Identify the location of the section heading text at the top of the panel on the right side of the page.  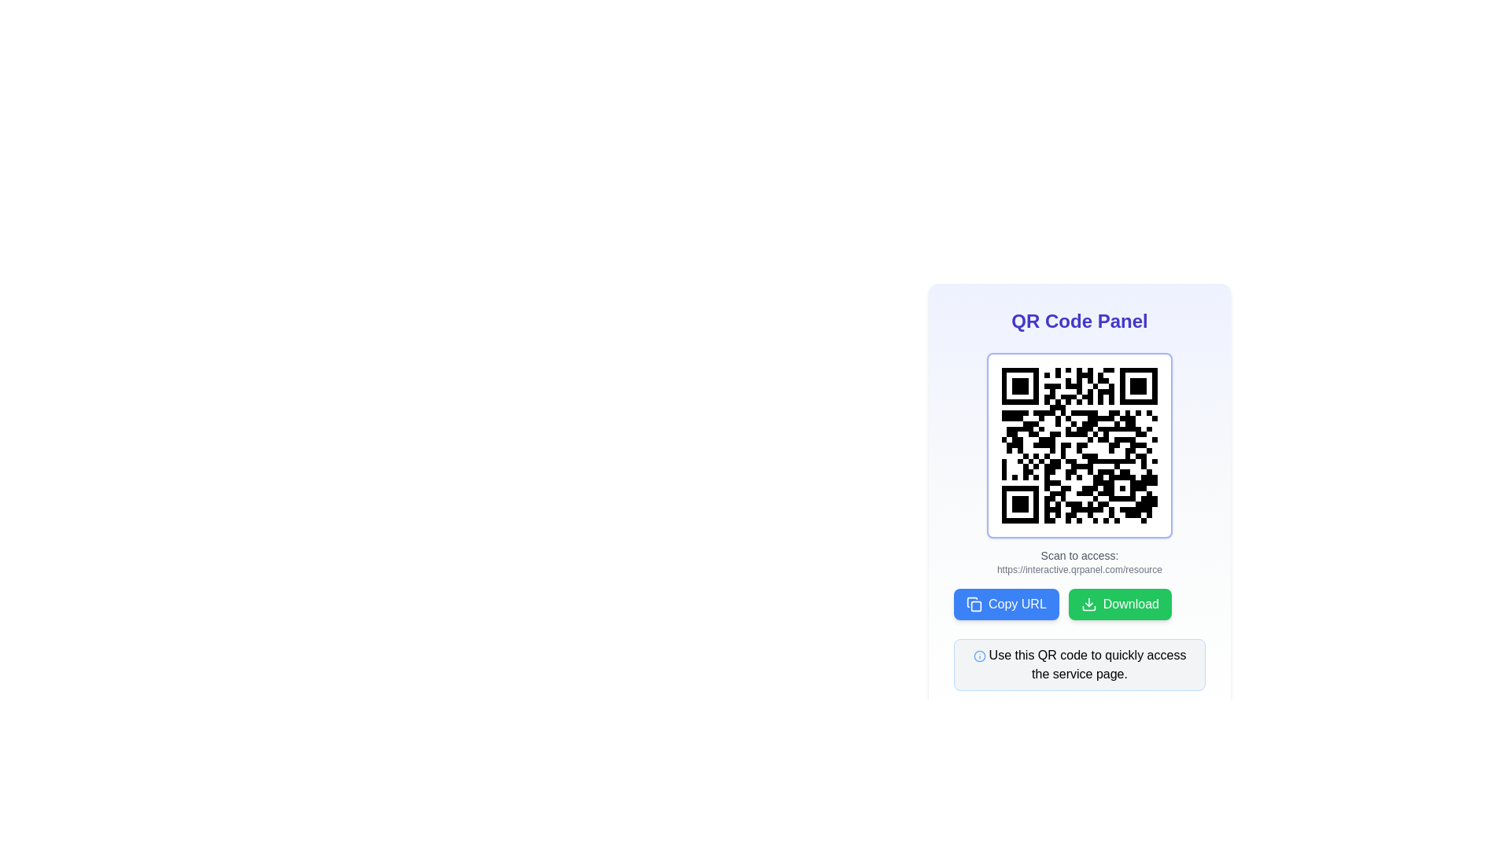
(1078, 320).